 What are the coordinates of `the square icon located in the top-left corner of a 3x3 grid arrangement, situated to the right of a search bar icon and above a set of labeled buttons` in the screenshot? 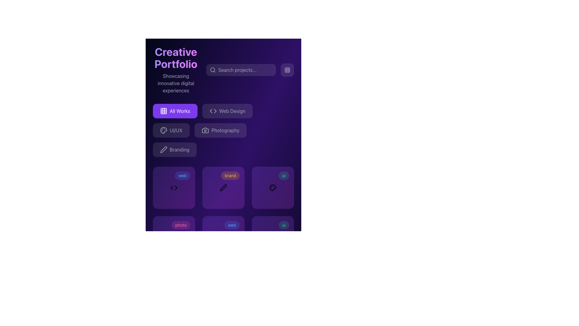 It's located at (163, 111).